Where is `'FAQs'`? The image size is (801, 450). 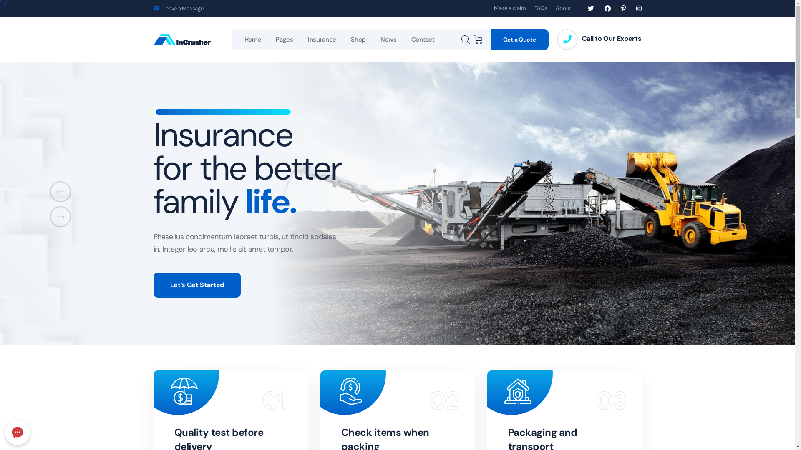 'FAQs' is located at coordinates (540, 8).